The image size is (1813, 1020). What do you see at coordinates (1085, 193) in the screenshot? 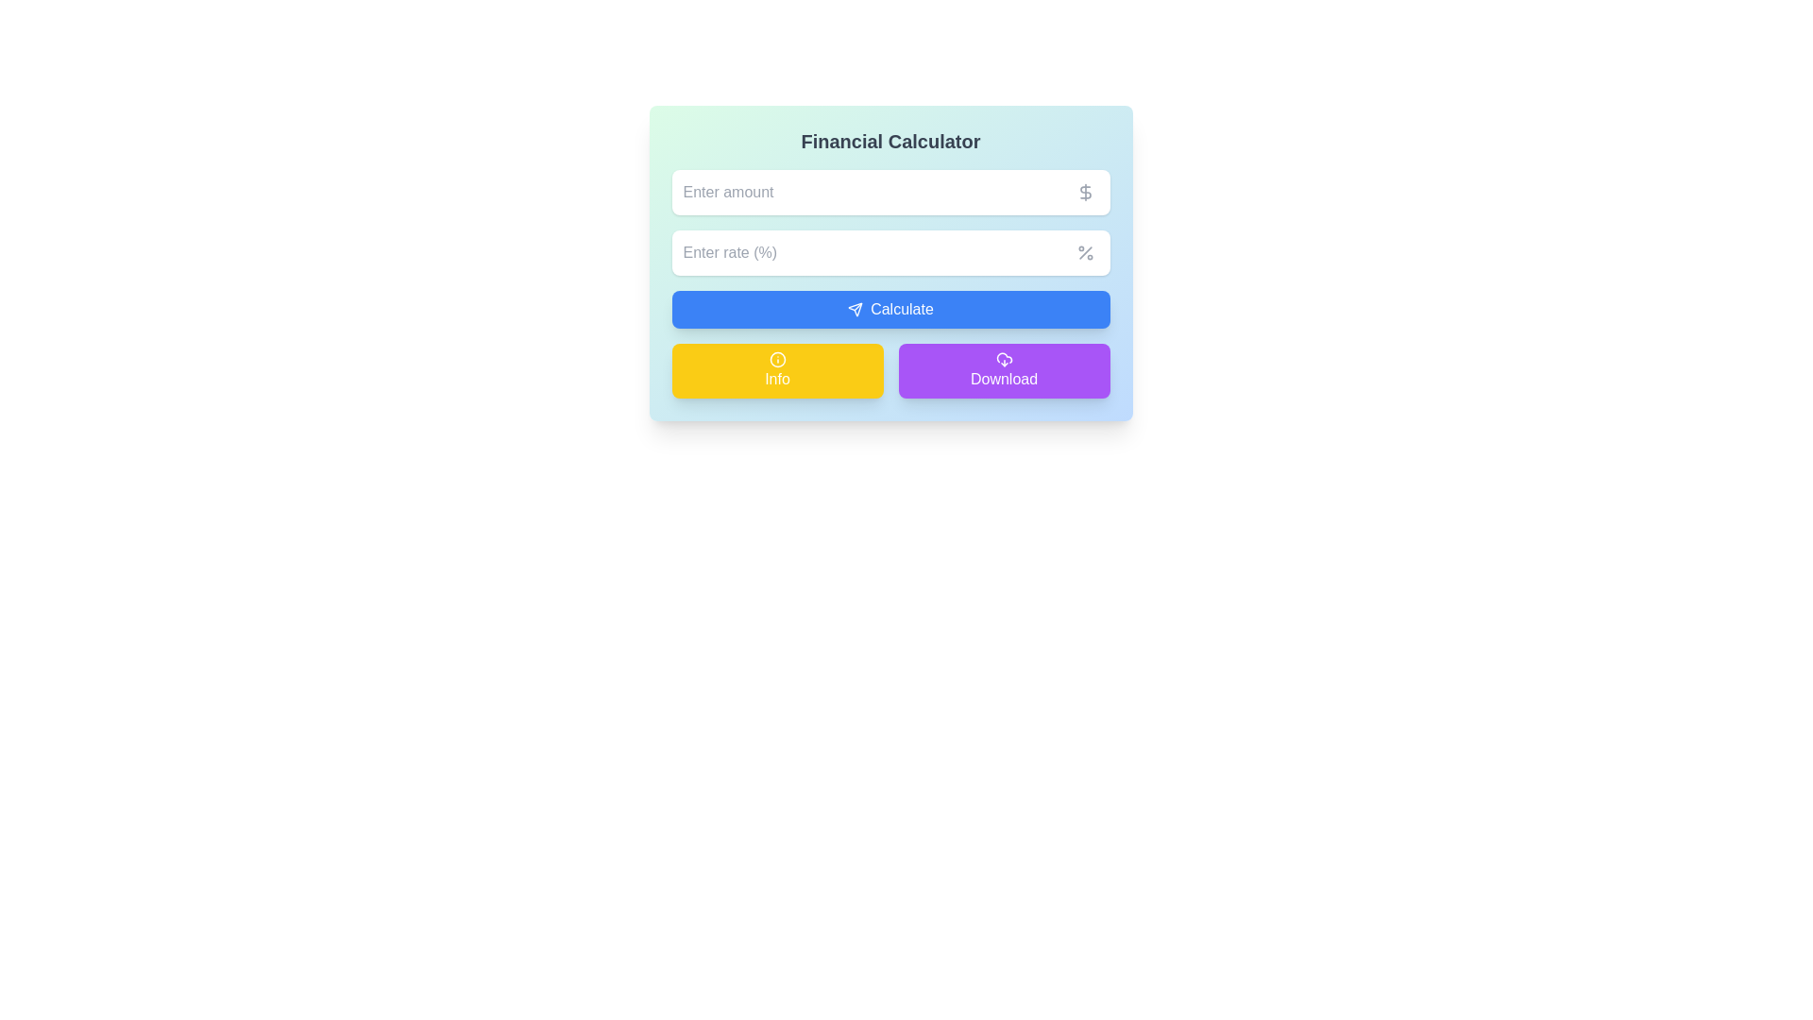
I see `the monetary input indicator icon located to the right of the 'Enter amount' text input field, which visually indicates that monetary values can be entered` at bounding box center [1085, 193].